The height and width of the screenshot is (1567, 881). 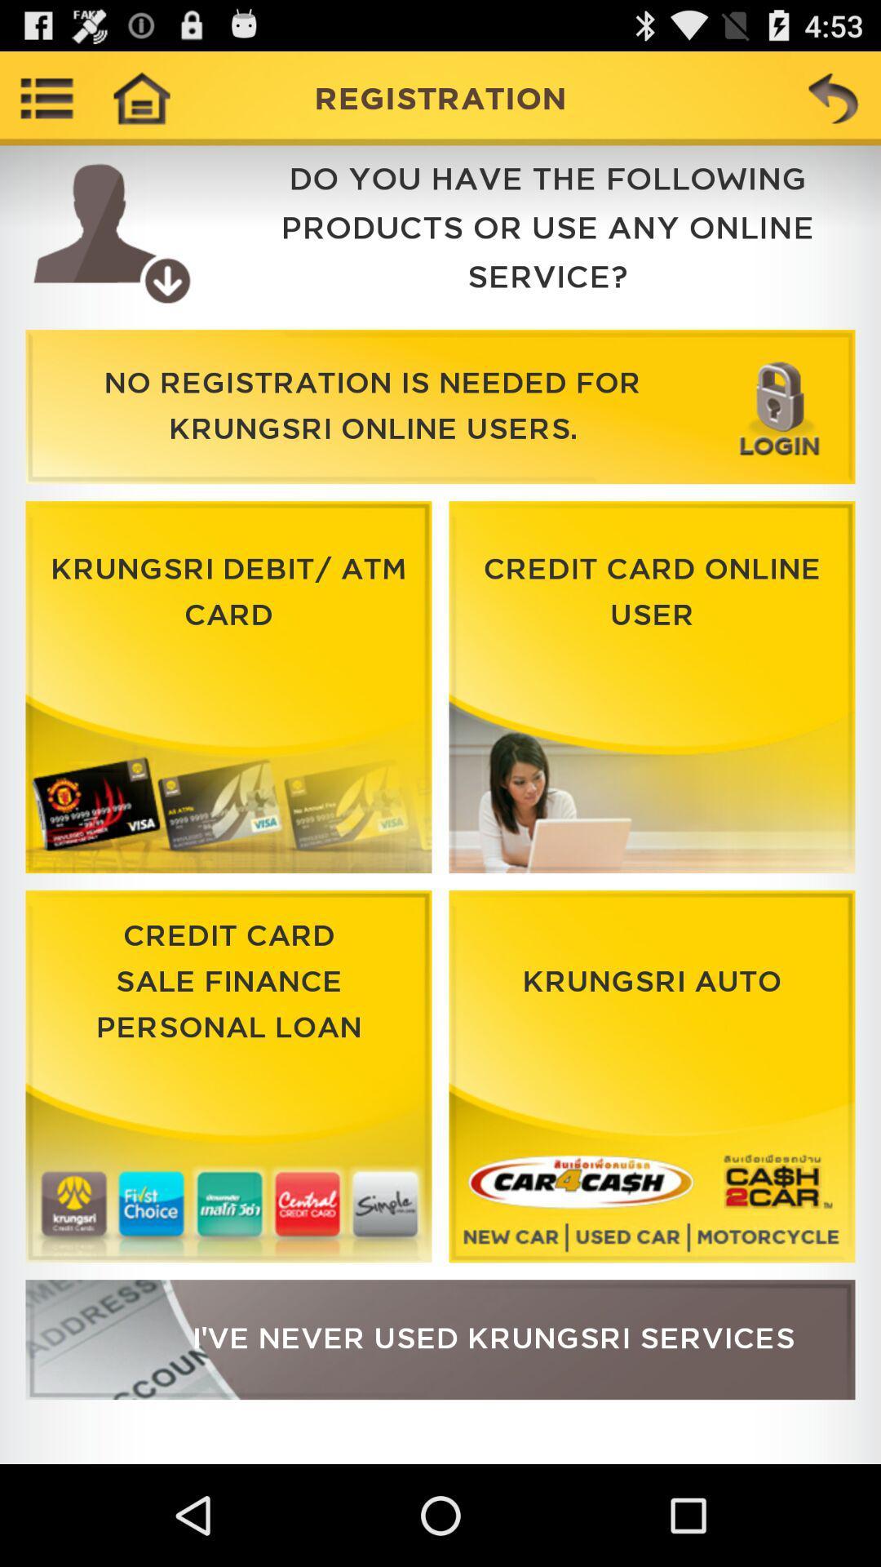 I want to click on more options, so click(x=46, y=97).